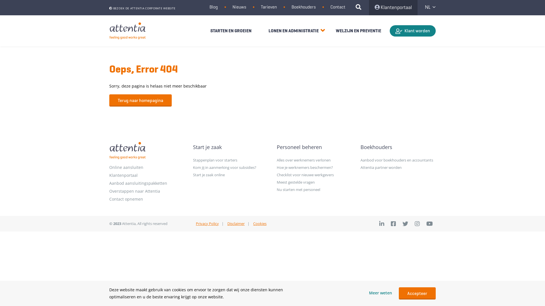  I want to click on 'Home', so click(127, 31).